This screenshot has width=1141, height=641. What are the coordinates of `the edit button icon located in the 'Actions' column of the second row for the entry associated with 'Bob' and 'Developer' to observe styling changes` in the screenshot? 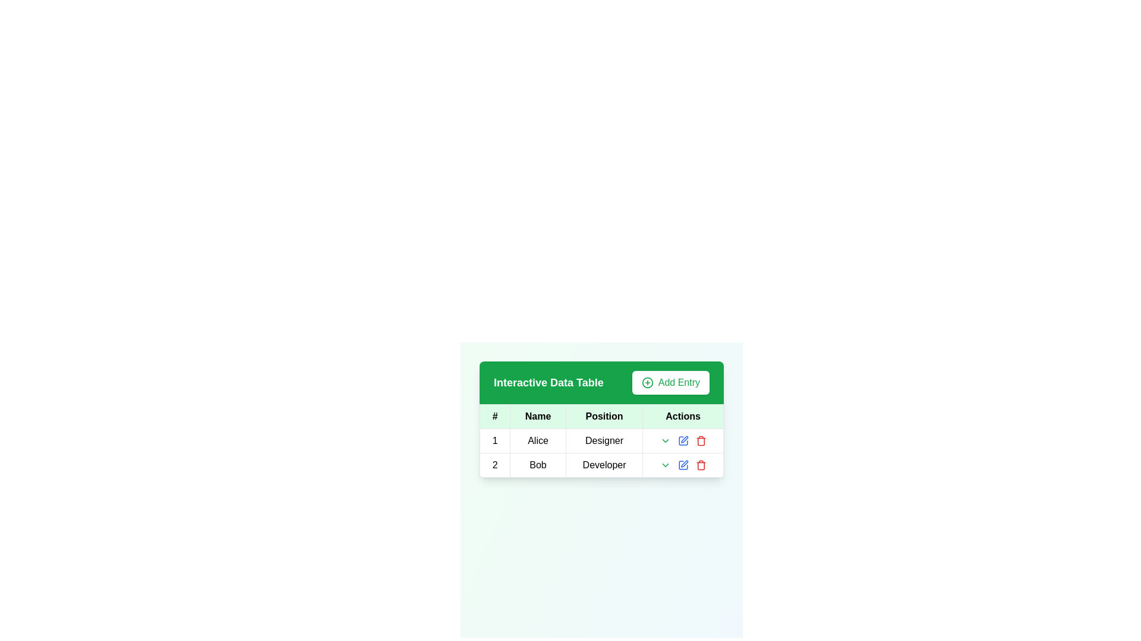 It's located at (683, 464).